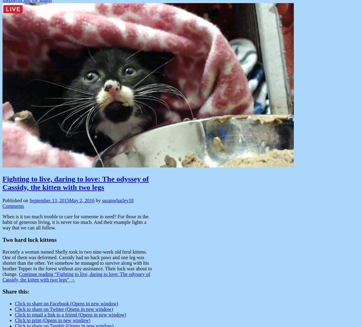 Image resolution: width=362 pixels, height=327 pixels. I want to click on 'May 2, 2016', so click(81, 200).